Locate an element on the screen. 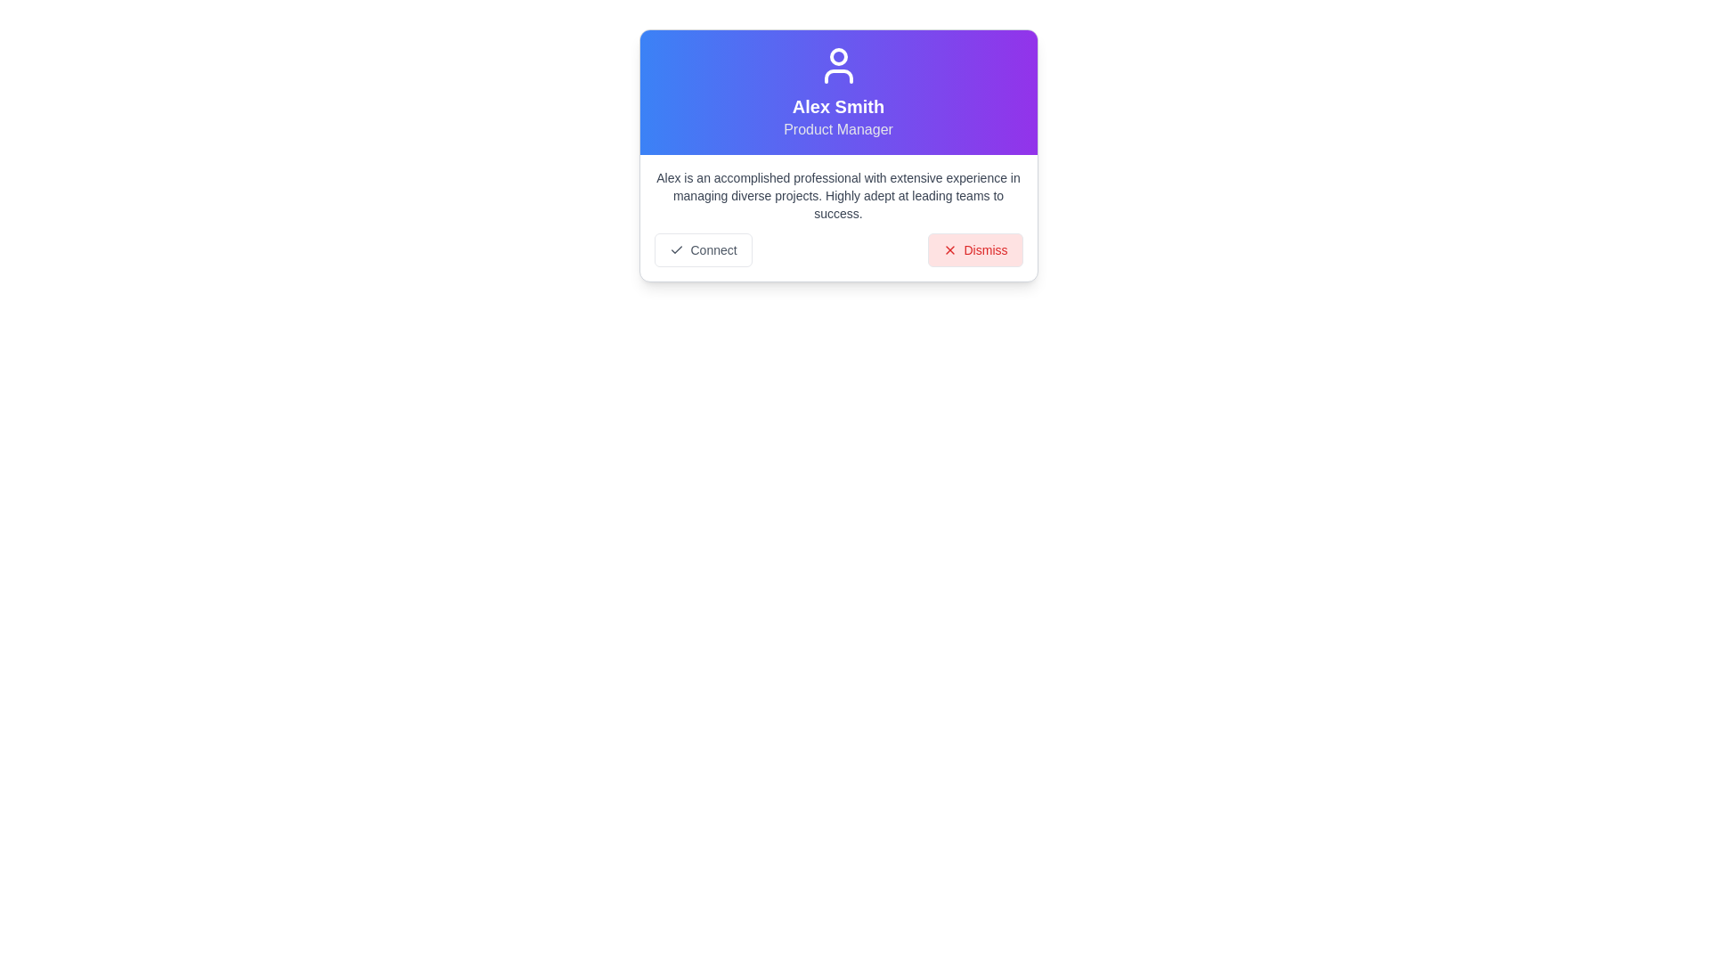 This screenshot has width=1710, height=962. the 'Dismiss' text label located is located at coordinates (985, 250).